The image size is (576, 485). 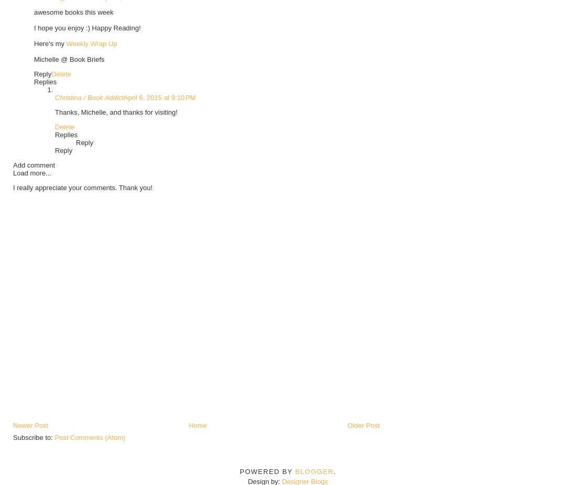 What do you see at coordinates (82, 187) in the screenshot?
I see `'I really appreciate your comments.  Thank you!'` at bounding box center [82, 187].